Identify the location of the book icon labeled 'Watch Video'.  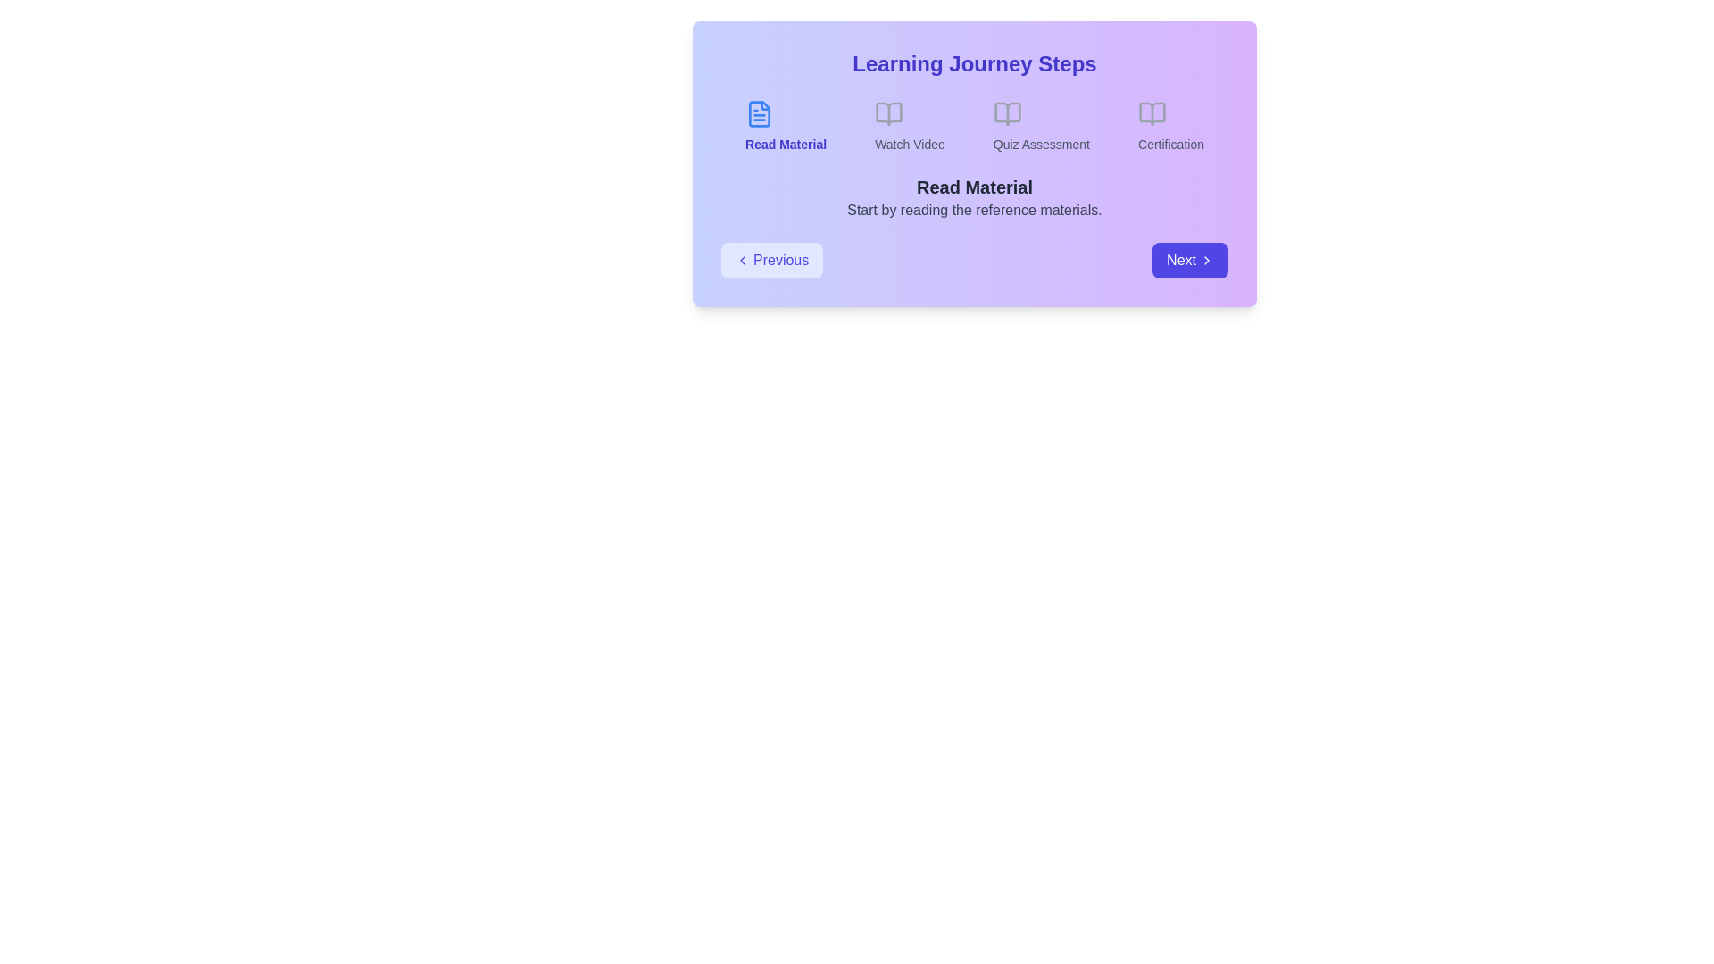
(889, 113).